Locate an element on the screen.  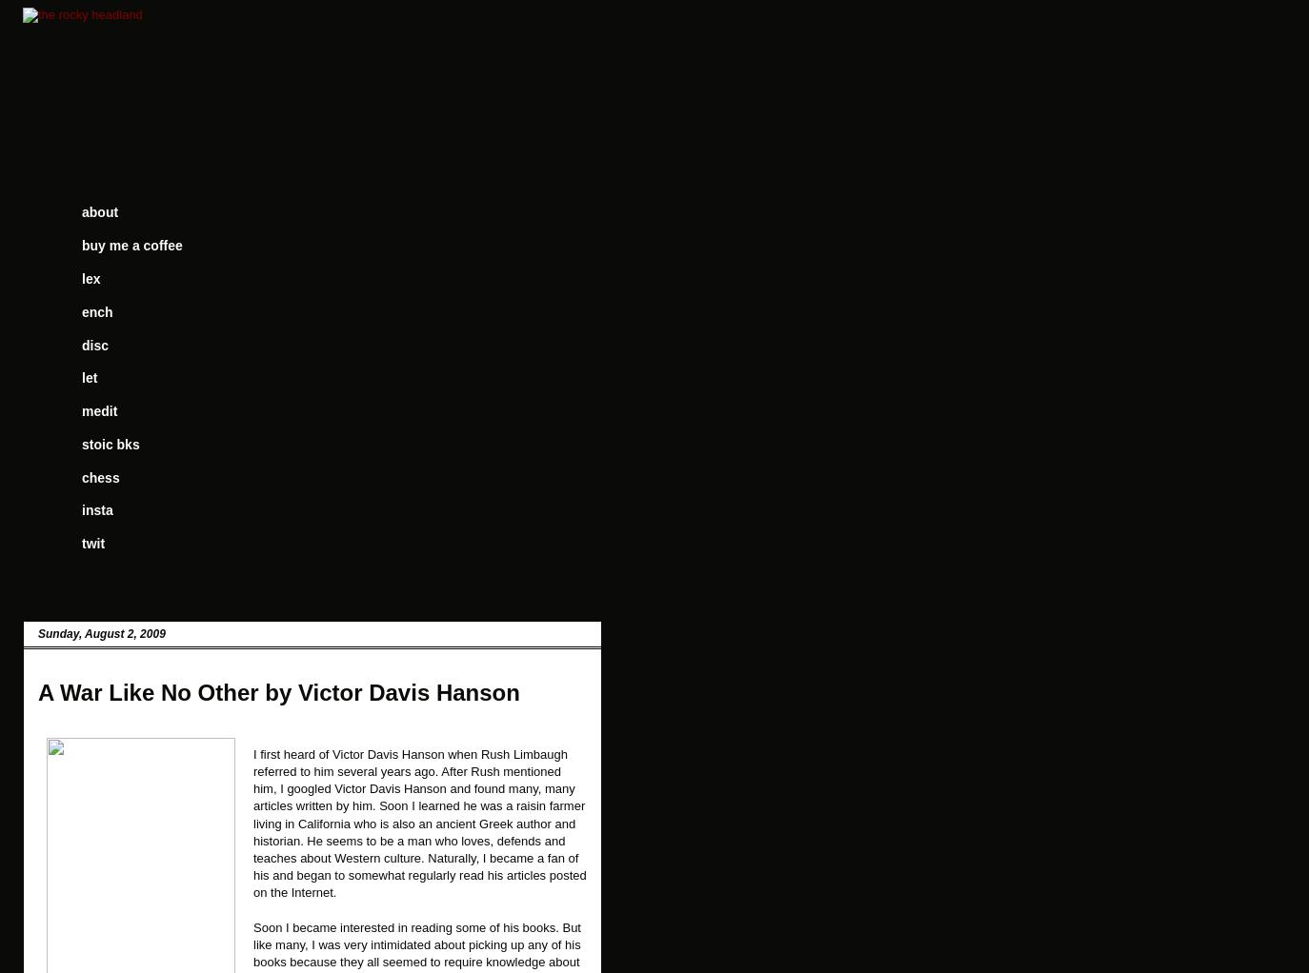
'lex' is located at coordinates (90, 277).